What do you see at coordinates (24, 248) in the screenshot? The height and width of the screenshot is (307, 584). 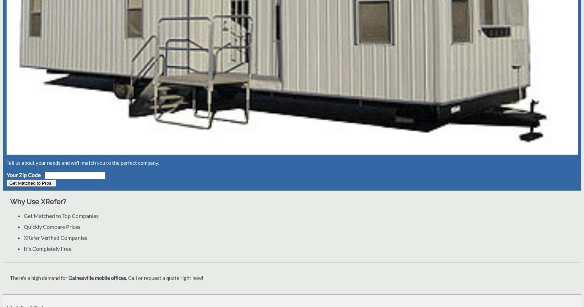 I see `'It's Completely Free'` at bounding box center [24, 248].